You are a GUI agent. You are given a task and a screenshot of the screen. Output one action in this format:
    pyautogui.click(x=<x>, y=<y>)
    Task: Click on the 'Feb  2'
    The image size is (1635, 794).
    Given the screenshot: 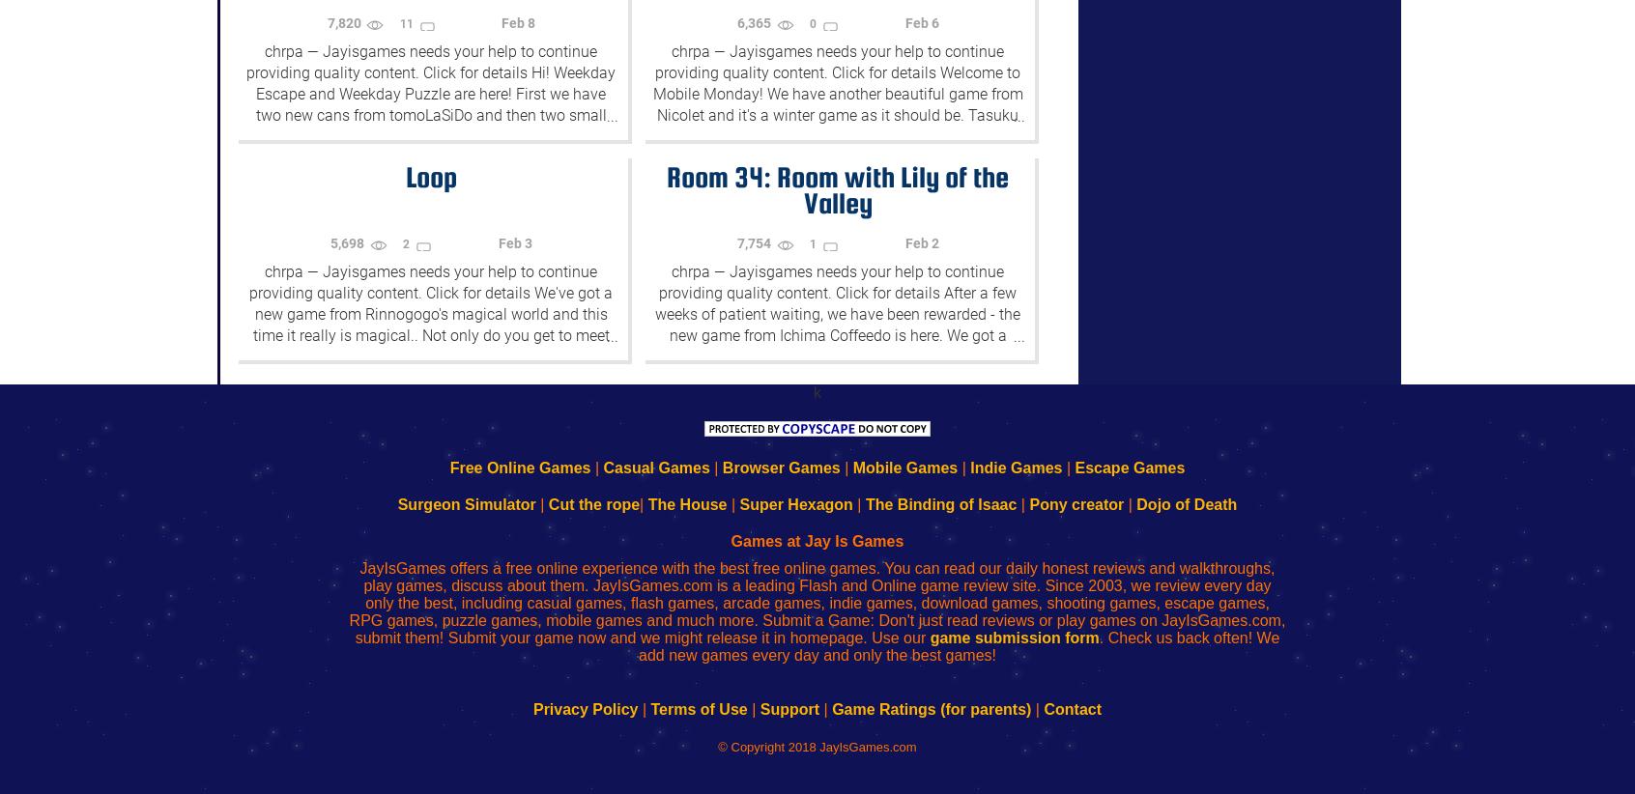 What is the action you would take?
    pyautogui.click(x=921, y=242)
    